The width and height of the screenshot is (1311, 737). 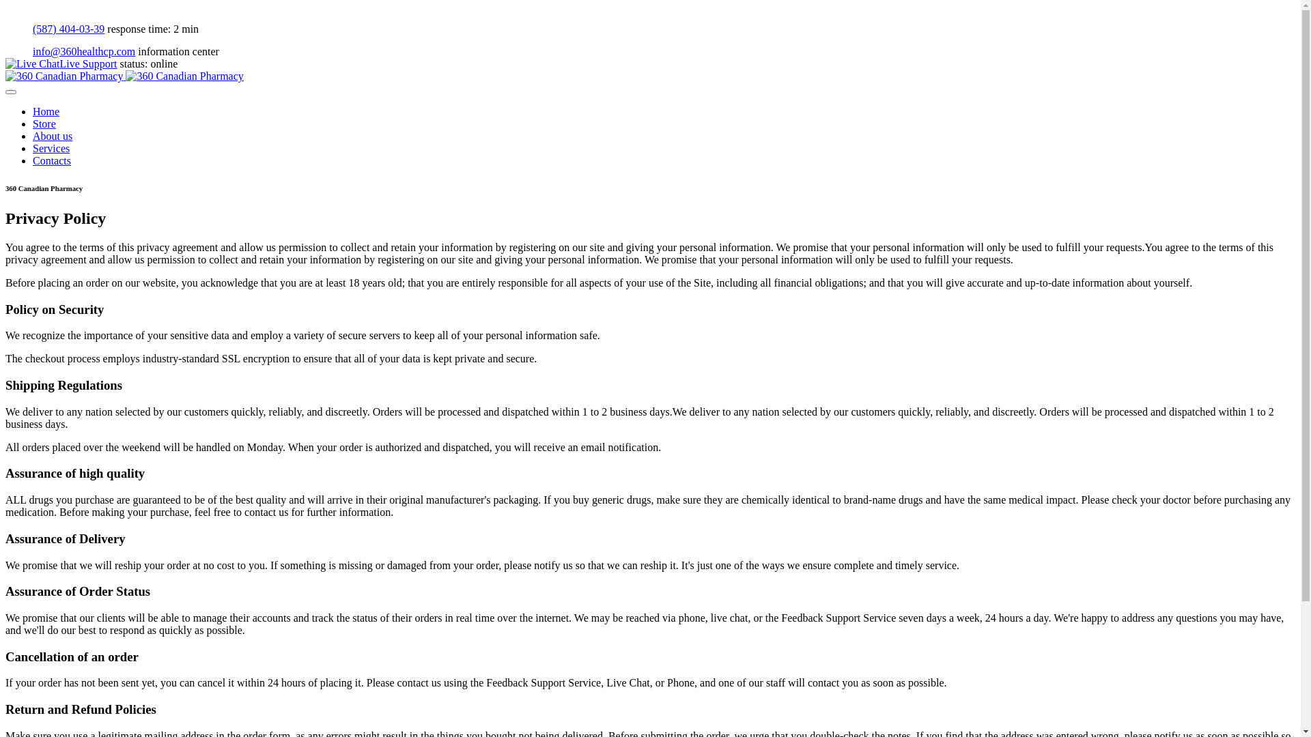 What do you see at coordinates (55, 29) in the screenshot?
I see `'(587) 404-03-39'` at bounding box center [55, 29].